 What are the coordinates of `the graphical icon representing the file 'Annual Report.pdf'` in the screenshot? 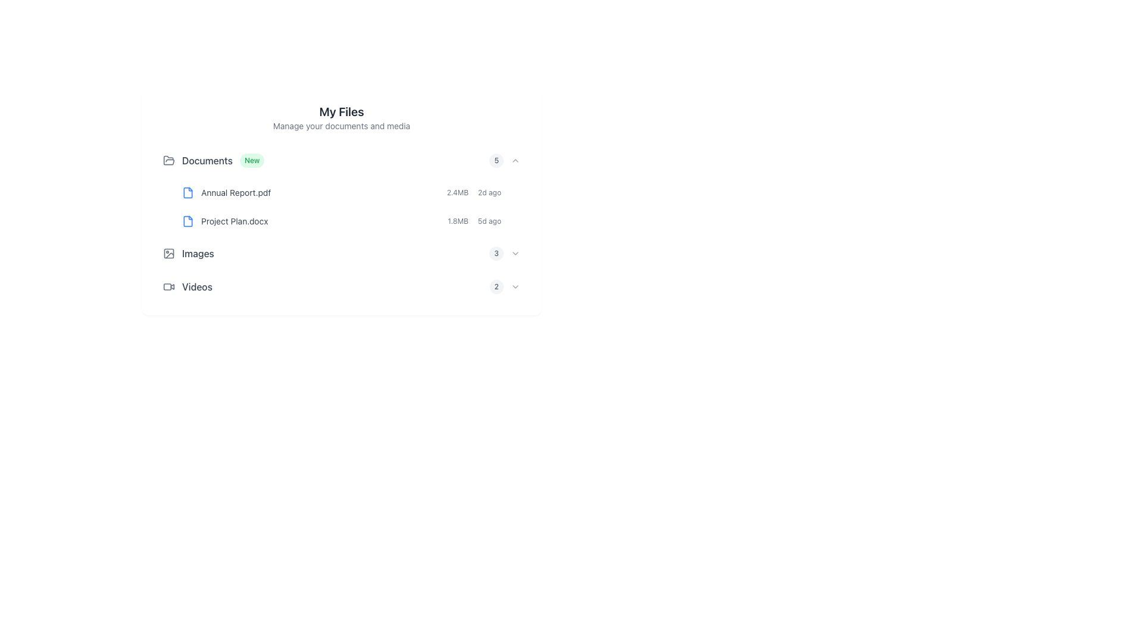 It's located at (188, 192).